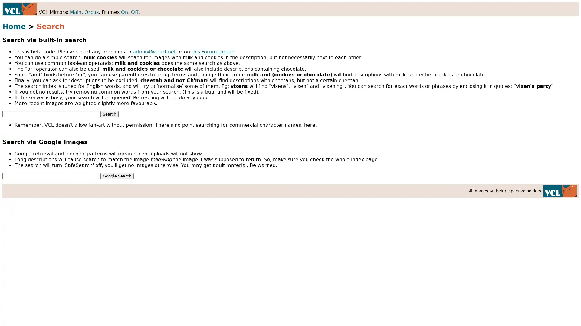  What do you see at coordinates (109, 114) in the screenshot?
I see `Search` at bounding box center [109, 114].